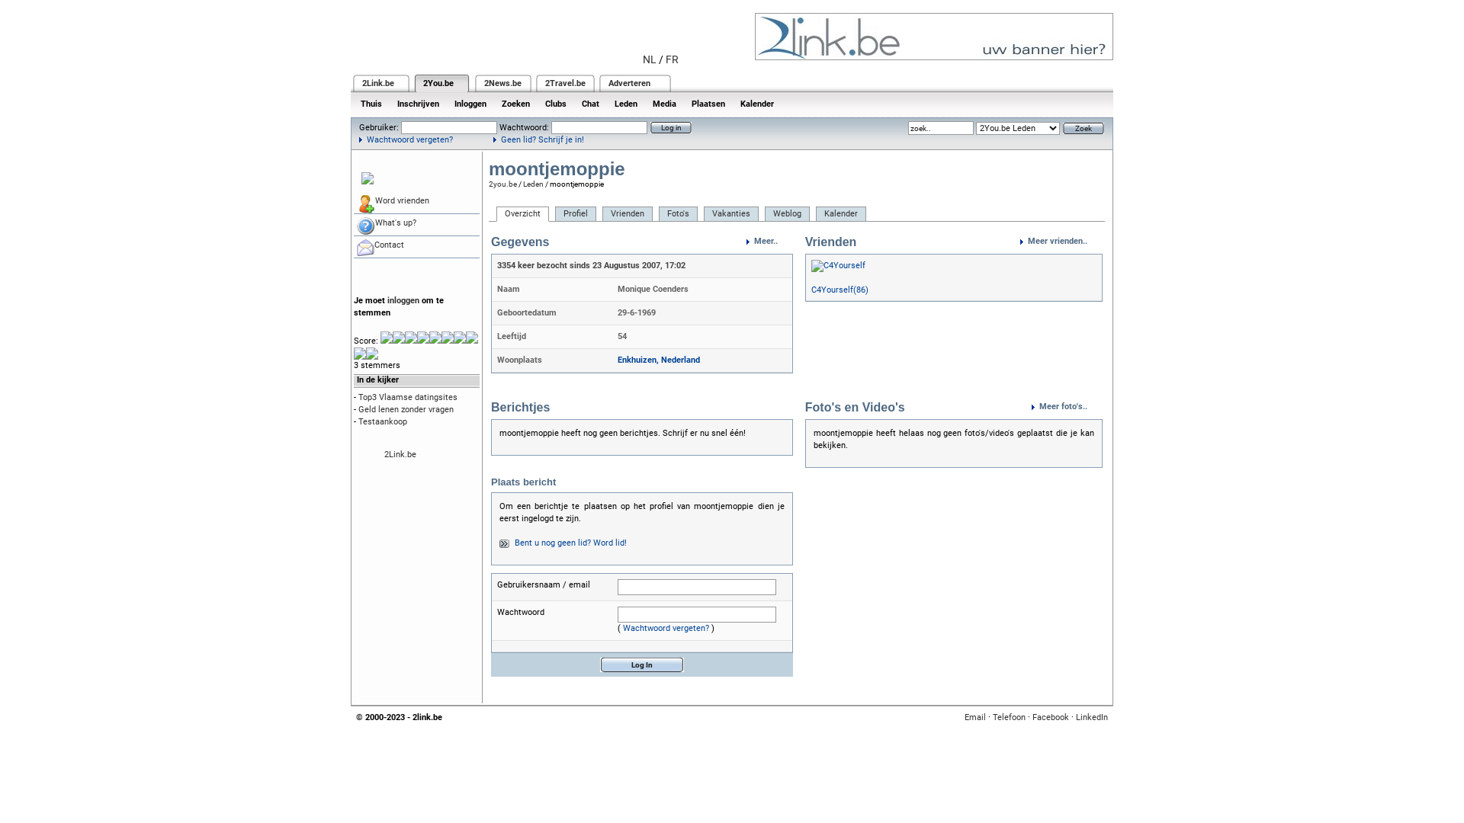  Describe the element at coordinates (839, 290) in the screenshot. I see `'C4Yourself(86)'` at that location.